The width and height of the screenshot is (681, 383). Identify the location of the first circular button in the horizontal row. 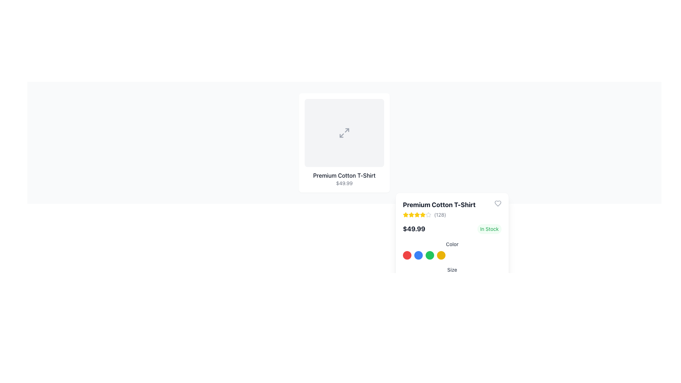
(407, 255).